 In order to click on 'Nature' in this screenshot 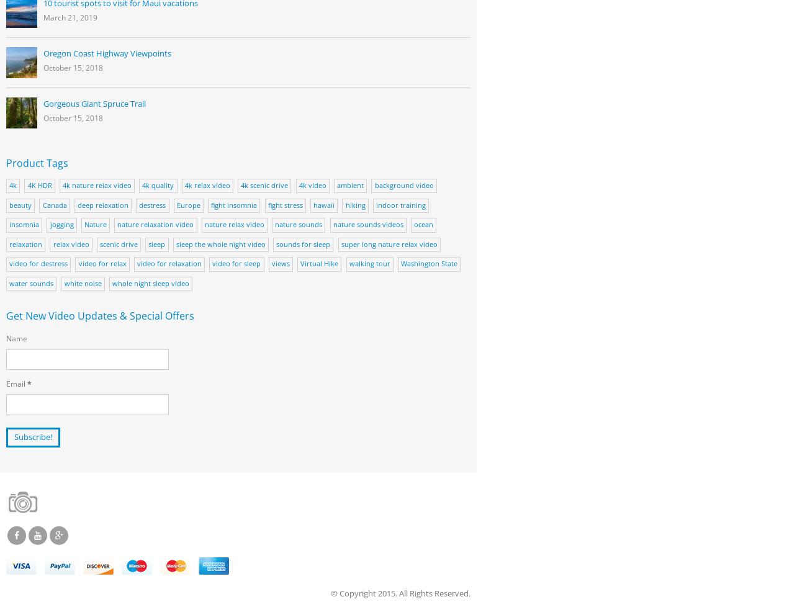, I will do `click(94, 223)`.